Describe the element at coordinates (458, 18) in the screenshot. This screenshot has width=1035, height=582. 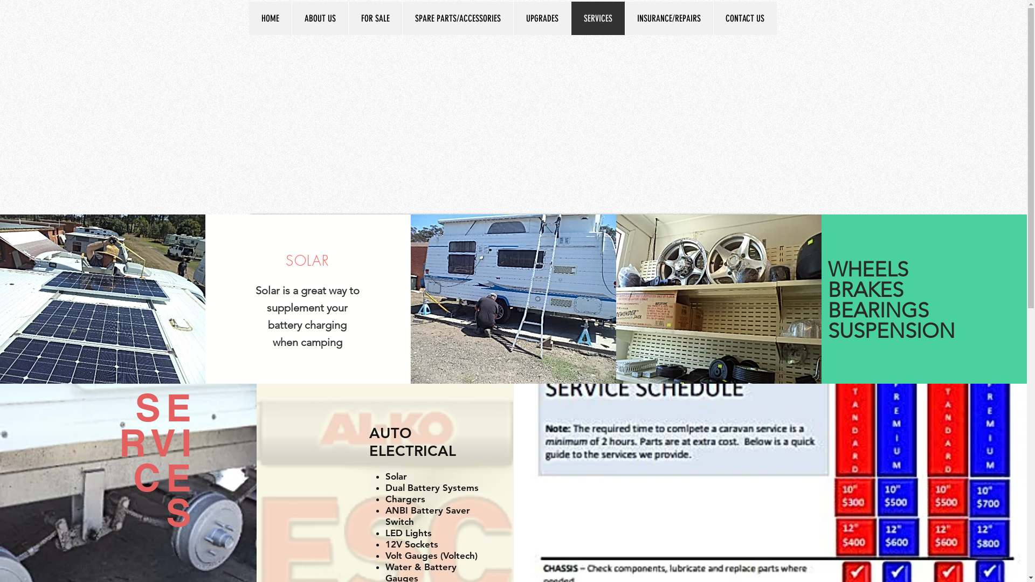
I see `'SPARE PARTS/ACCESSORIES'` at that location.